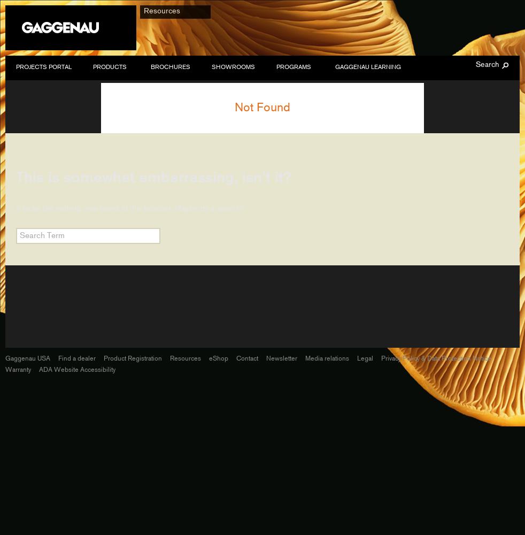  I want to click on 'Media relations', so click(326, 358).